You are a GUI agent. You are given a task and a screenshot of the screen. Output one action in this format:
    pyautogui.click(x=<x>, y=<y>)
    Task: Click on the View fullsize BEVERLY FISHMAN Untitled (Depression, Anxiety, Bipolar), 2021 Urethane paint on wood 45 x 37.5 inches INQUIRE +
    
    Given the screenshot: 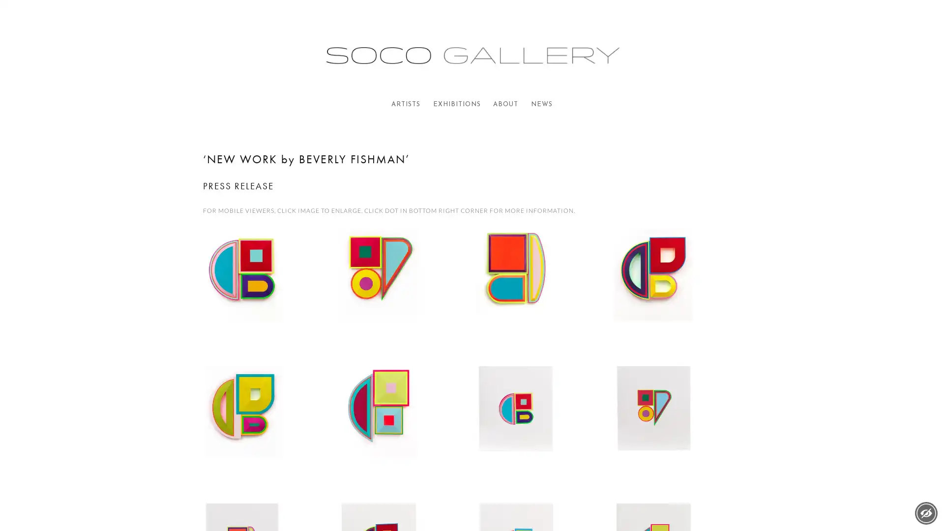 What is the action you would take?
    pyautogui.click(x=540, y=292)
    